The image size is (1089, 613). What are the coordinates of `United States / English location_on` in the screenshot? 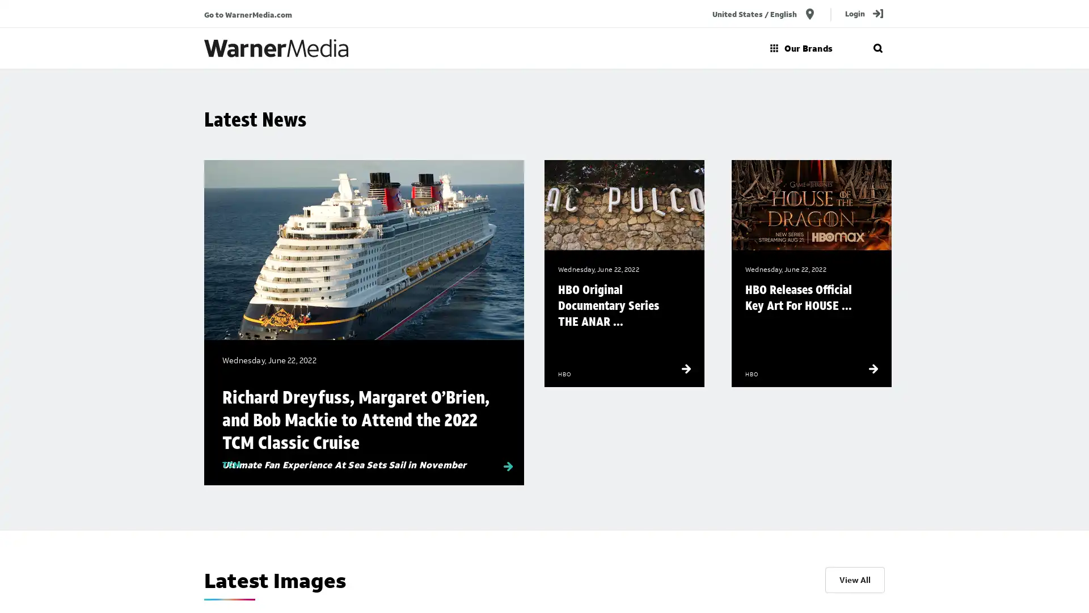 It's located at (765, 15).